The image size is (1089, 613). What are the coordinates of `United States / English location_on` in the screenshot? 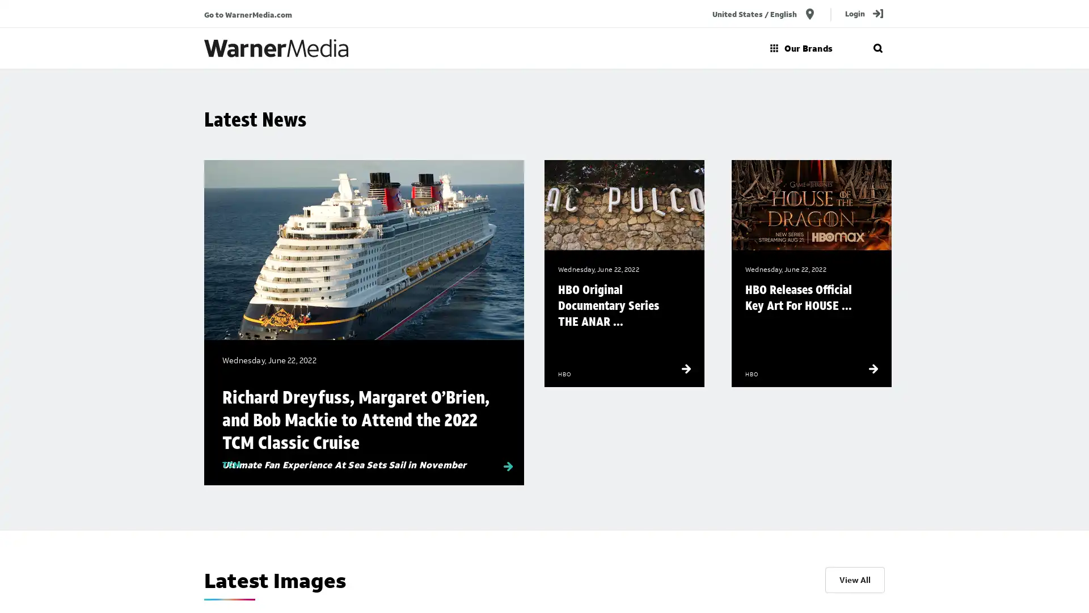 It's located at (765, 15).